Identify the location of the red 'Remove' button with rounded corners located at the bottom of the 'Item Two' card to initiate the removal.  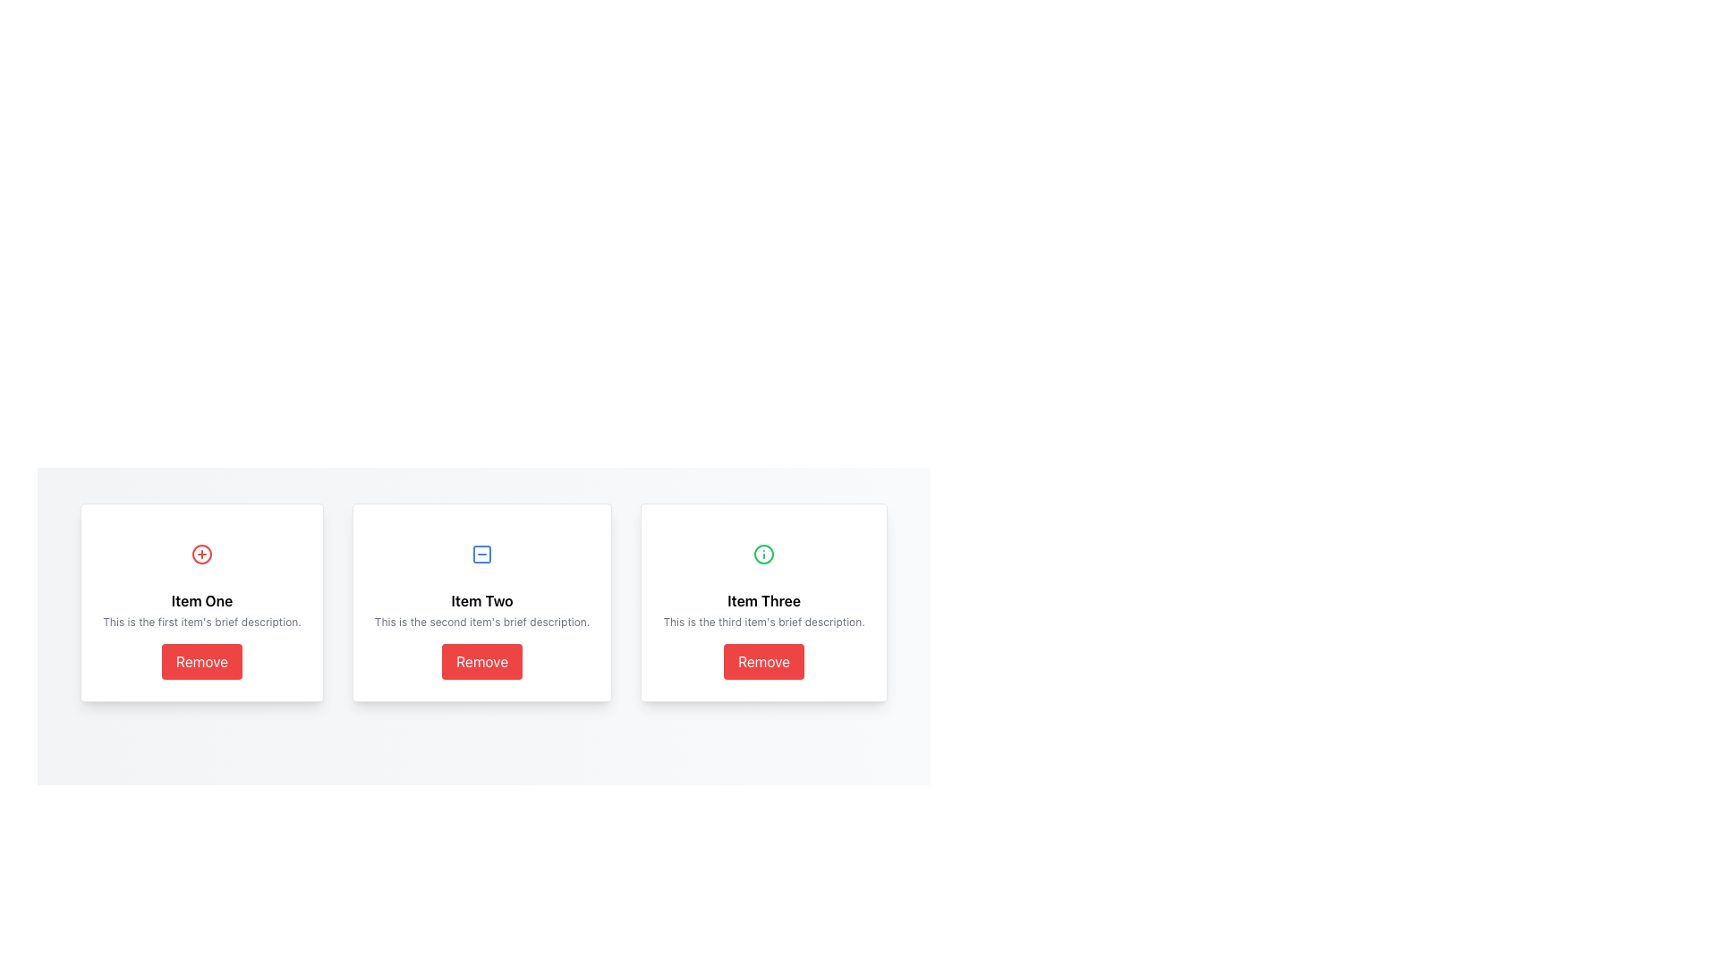
(482, 662).